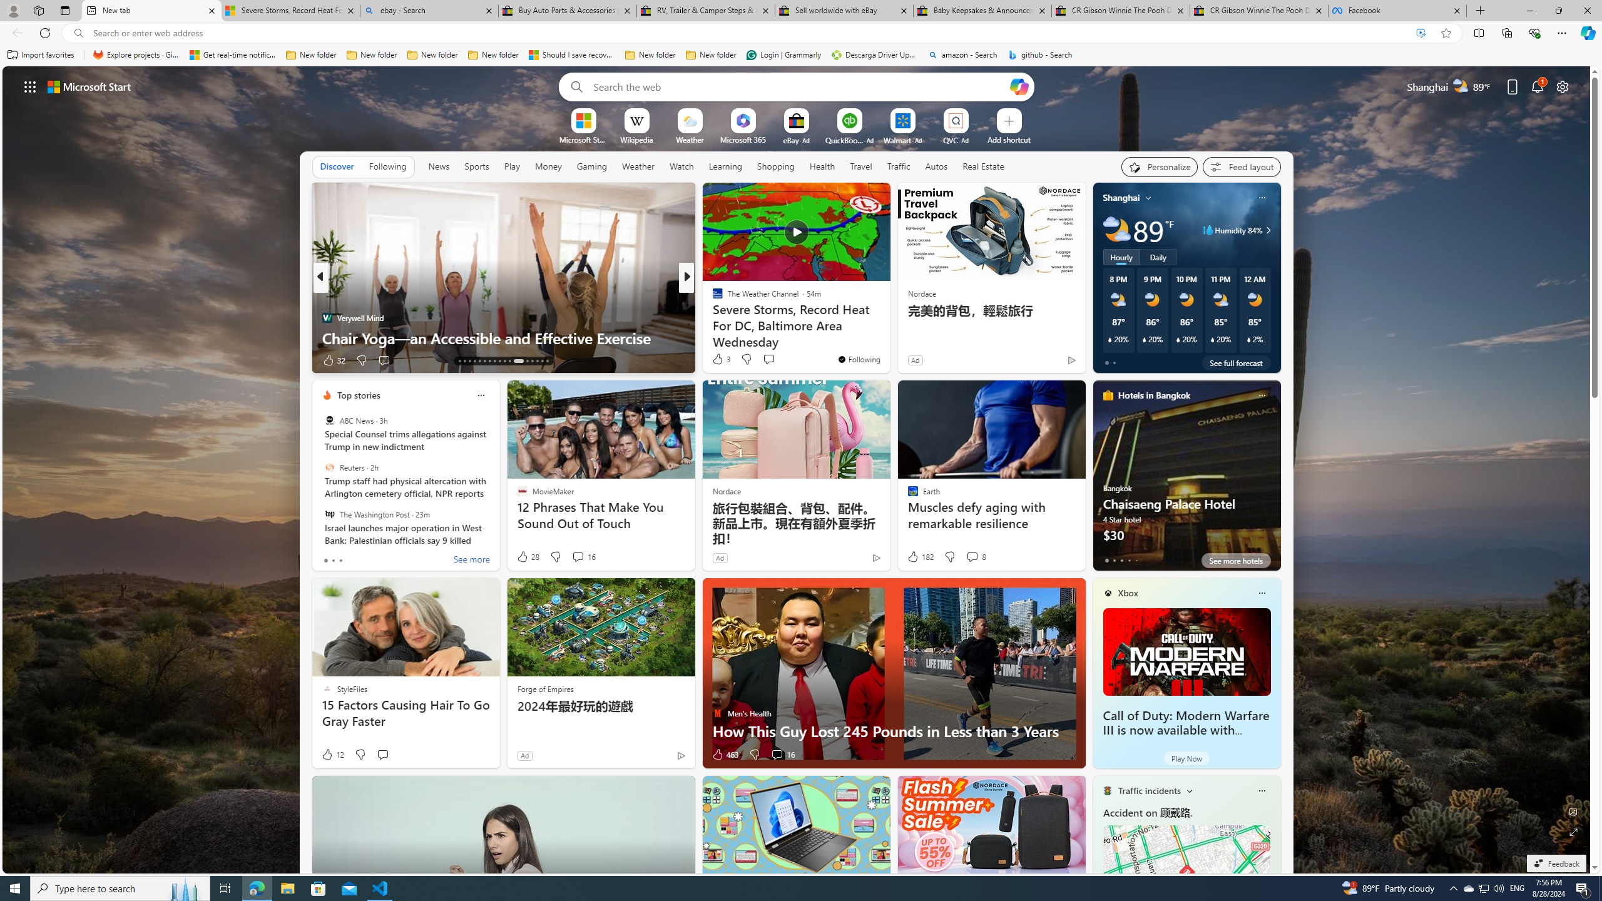 Image resolution: width=1602 pixels, height=901 pixels. I want to click on 'tab-3', so click(1128, 560).